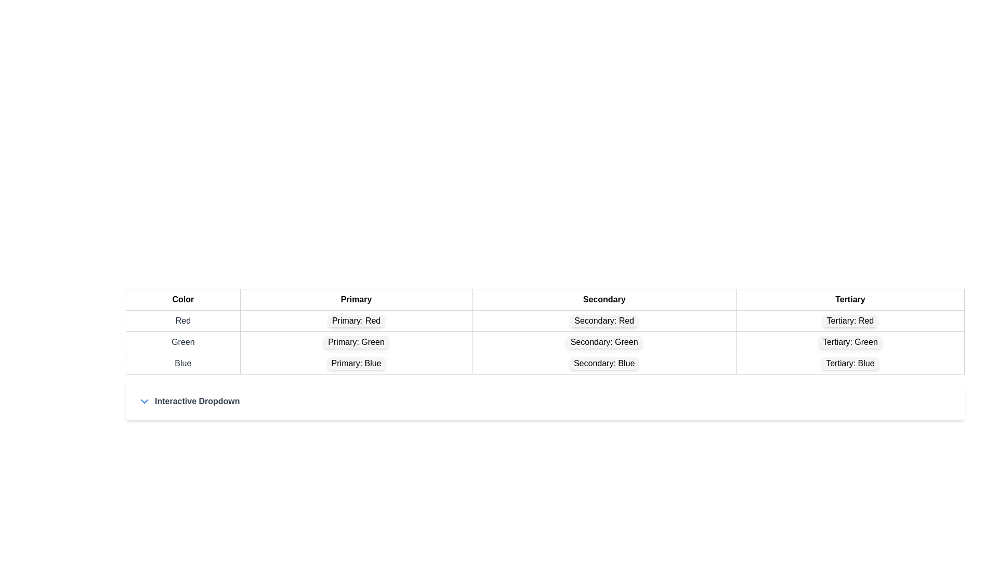 This screenshot has height=561, width=998. What do you see at coordinates (850, 363) in the screenshot?
I see `the button-like label labeled 'Tertiary: Blue', which is located in the last row of the table under the 'Tertiary' column, positioned as the third item in that row` at bounding box center [850, 363].